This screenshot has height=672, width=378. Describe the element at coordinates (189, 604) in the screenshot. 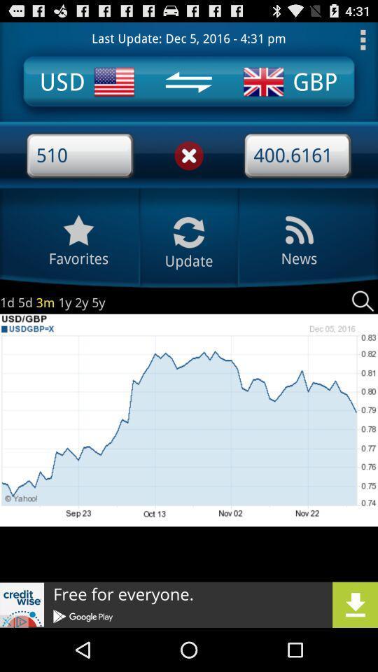

I see `click advertisement` at that location.